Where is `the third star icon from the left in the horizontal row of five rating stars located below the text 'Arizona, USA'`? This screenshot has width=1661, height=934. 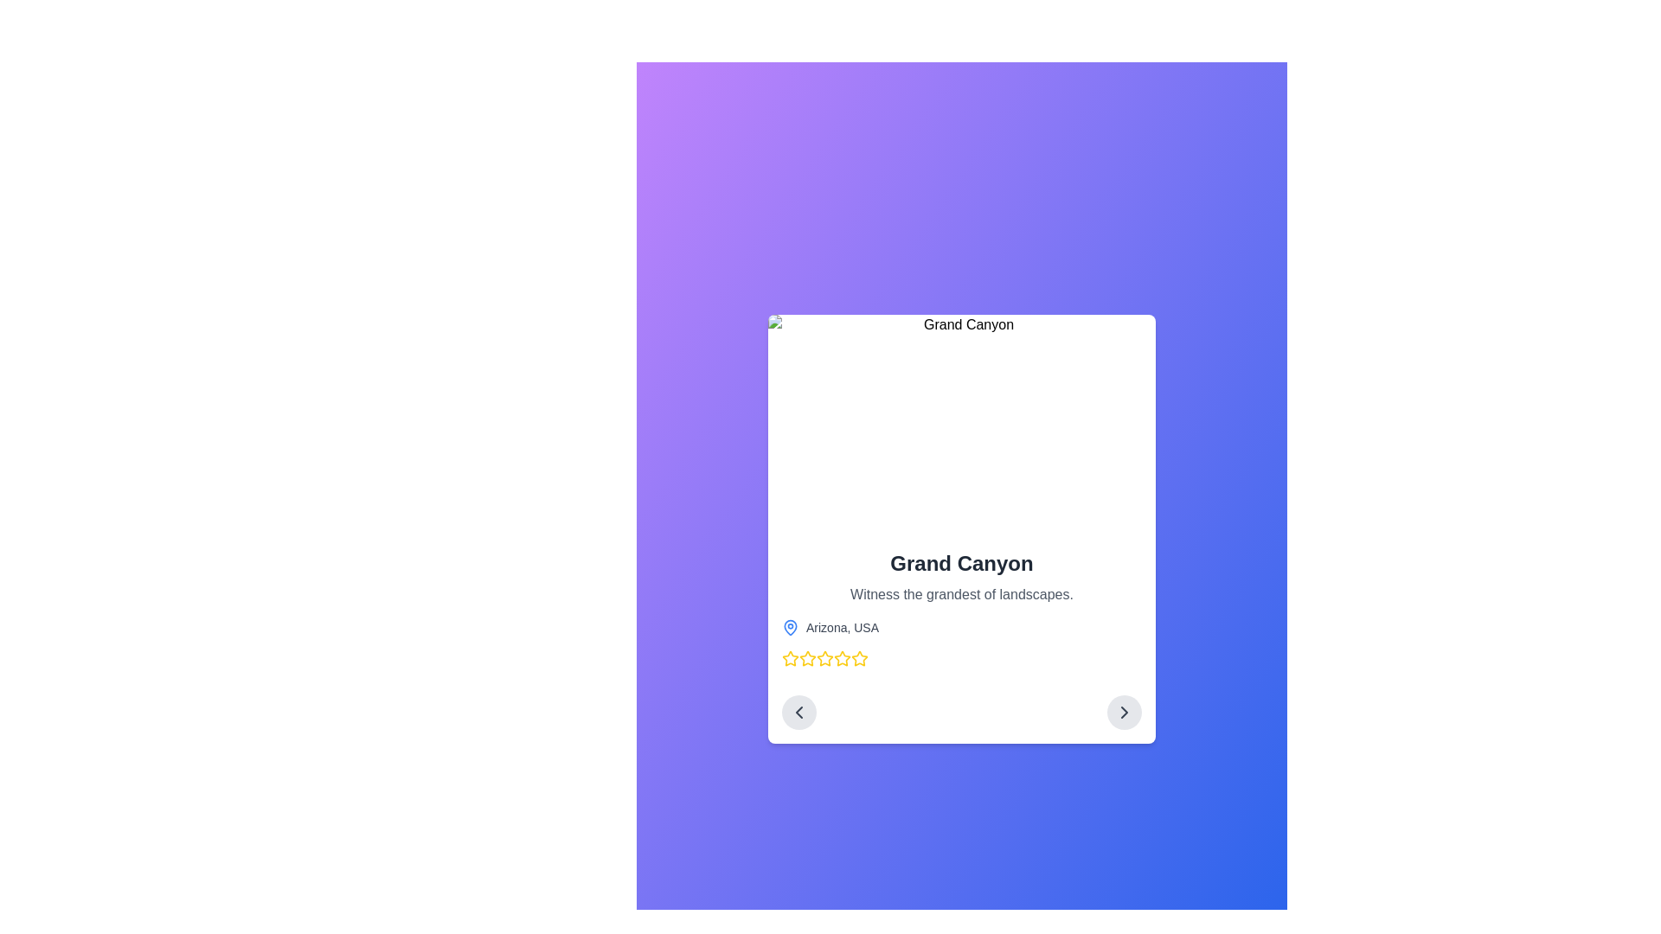 the third star icon from the left in the horizontal row of five rating stars located below the text 'Arizona, USA' is located at coordinates (807, 659).